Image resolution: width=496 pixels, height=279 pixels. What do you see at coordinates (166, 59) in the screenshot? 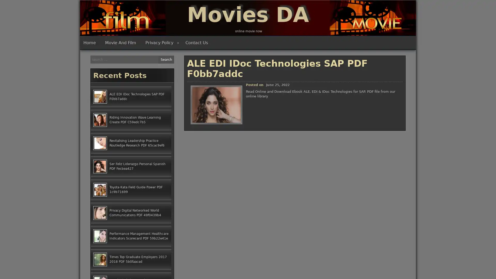
I see `Search` at bounding box center [166, 59].